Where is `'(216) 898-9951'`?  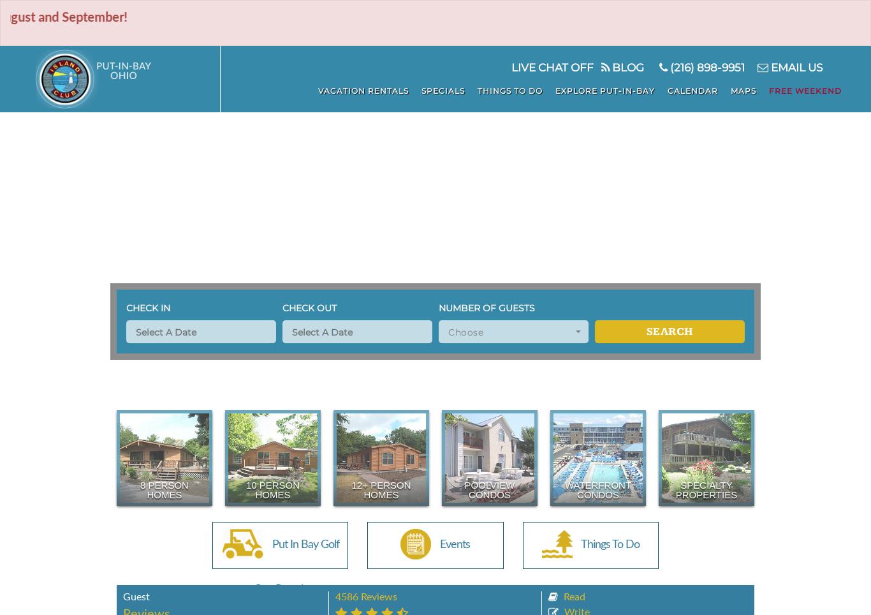 '(216) 898-9951' is located at coordinates (703, 67).